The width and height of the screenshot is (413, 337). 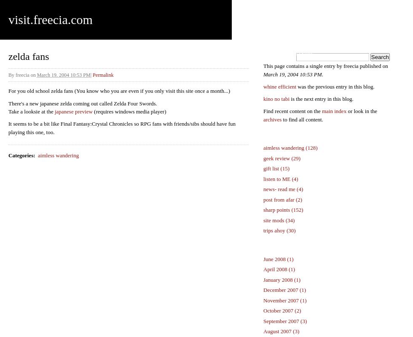 I want to click on 'January 2008 (1)', so click(x=263, y=279).